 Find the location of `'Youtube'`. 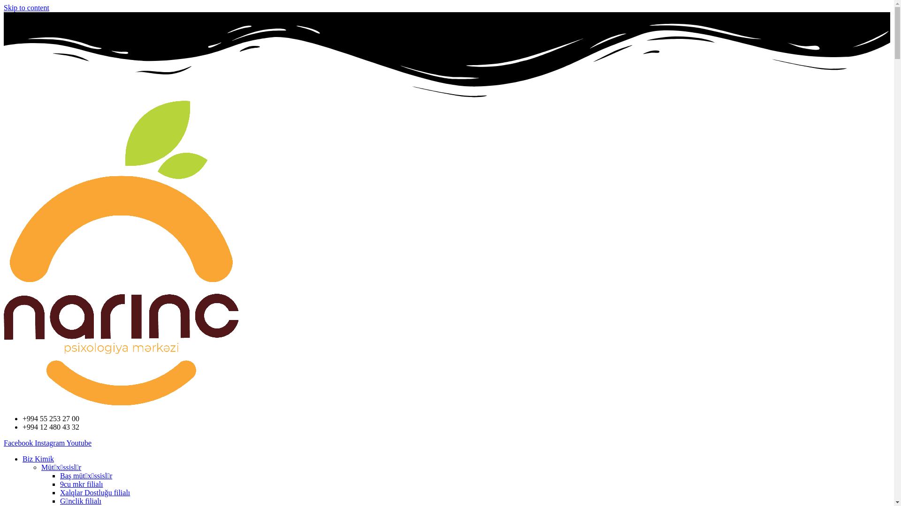

'Youtube' is located at coordinates (79, 443).